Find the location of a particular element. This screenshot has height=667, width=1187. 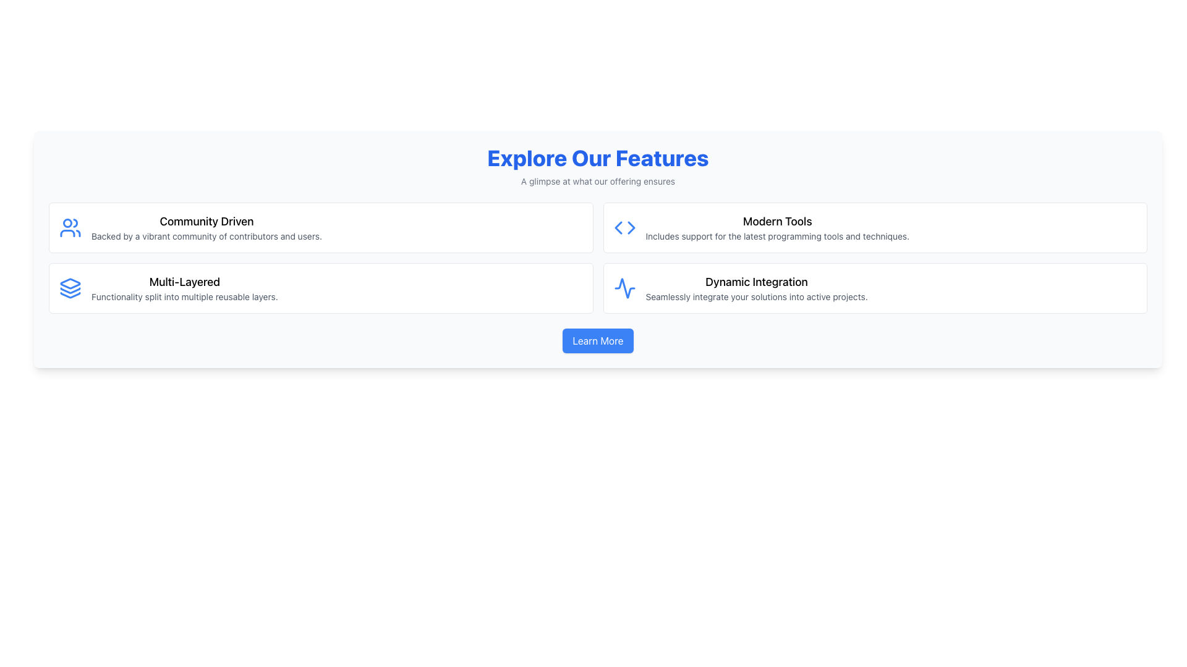

the Informational Card that provides an overview of the 'Dynamic Integration' feature, located in the bottom-right corner of the 2x2 grid layout is located at coordinates (874, 288).